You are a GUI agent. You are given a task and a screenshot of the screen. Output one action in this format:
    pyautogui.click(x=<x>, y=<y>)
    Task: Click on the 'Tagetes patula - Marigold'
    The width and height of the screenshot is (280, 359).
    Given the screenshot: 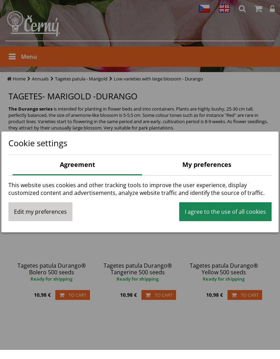 What is the action you would take?
    pyautogui.click(x=55, y=79)
    